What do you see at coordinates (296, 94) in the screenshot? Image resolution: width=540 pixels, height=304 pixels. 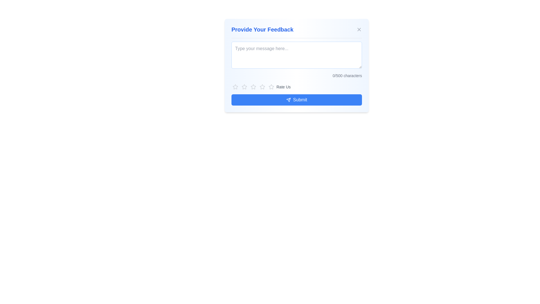 I see `the 'Submit' button located in the 'Provide Your Feedback' section of the Rating component to send the feedback` at bounding box center [296, 94].